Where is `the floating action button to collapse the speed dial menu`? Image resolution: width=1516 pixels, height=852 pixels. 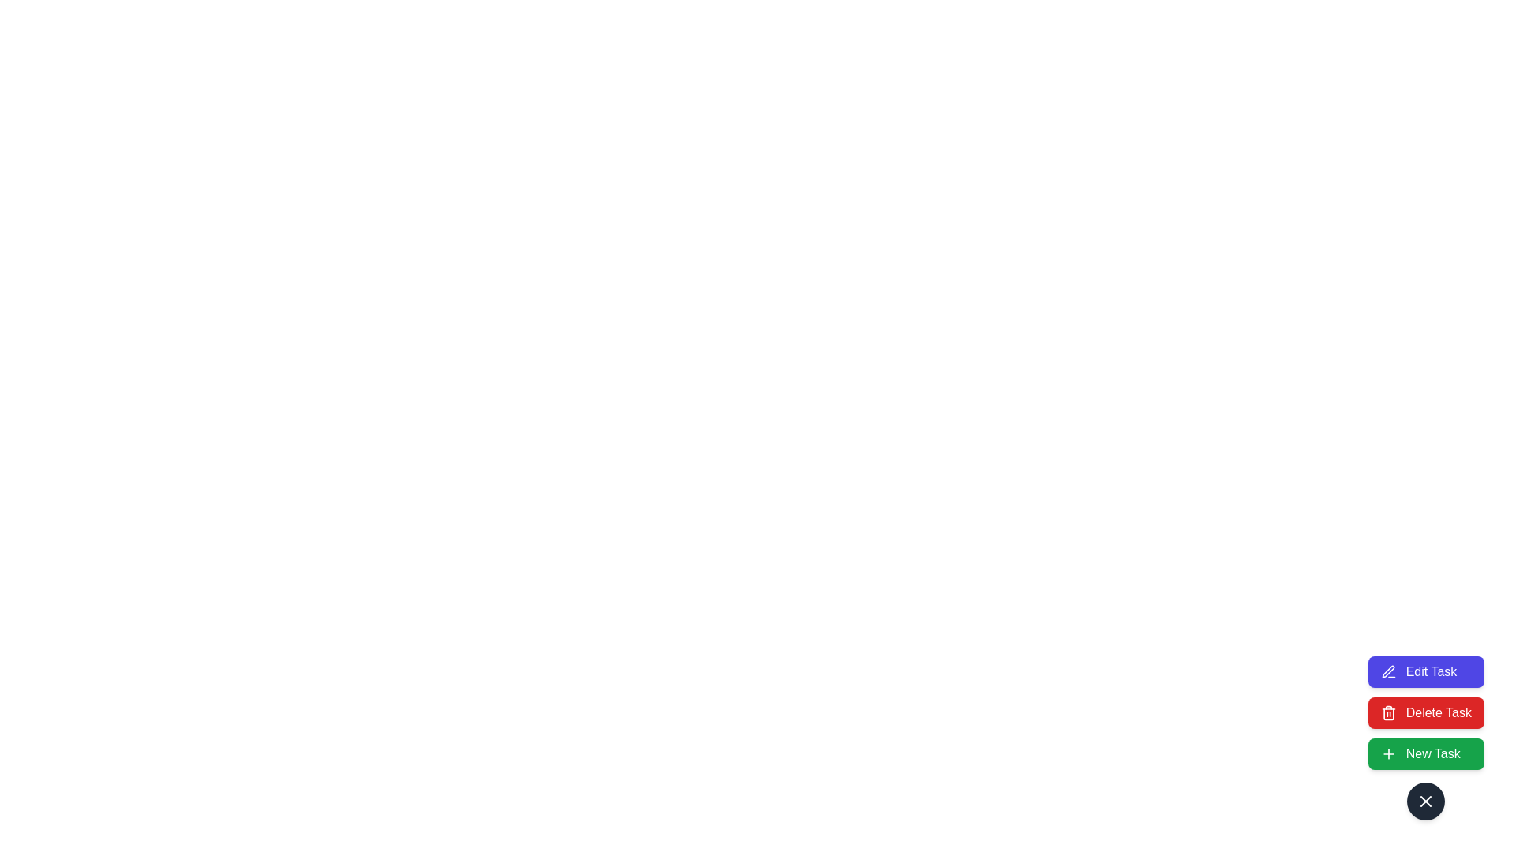
the floating action button to collapse the speed dial menu is located at coordinates (1425, 801).